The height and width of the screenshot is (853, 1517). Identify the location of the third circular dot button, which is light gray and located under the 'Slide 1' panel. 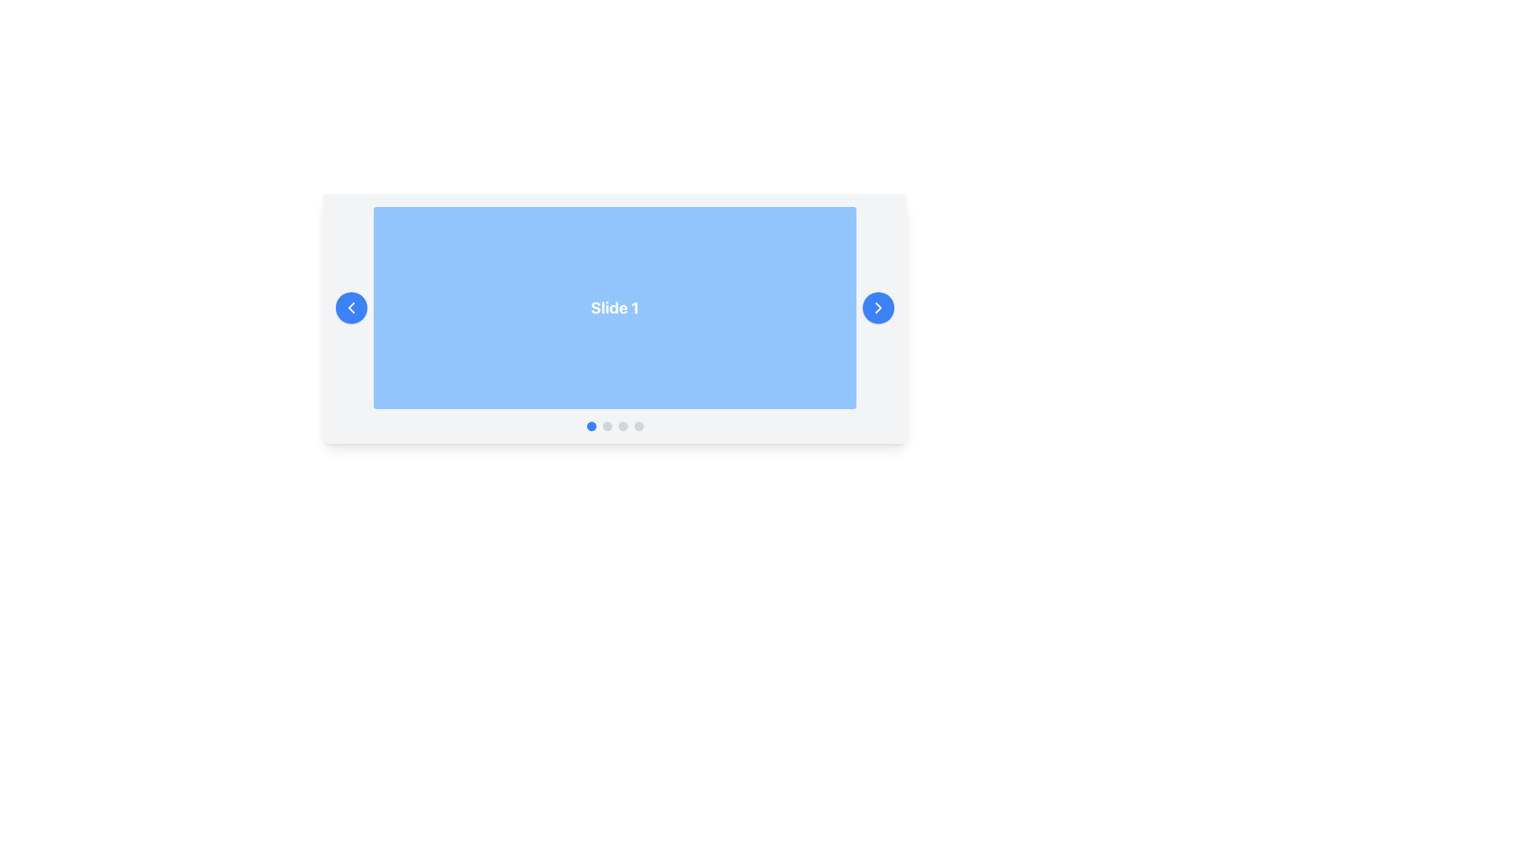
(622, 426).